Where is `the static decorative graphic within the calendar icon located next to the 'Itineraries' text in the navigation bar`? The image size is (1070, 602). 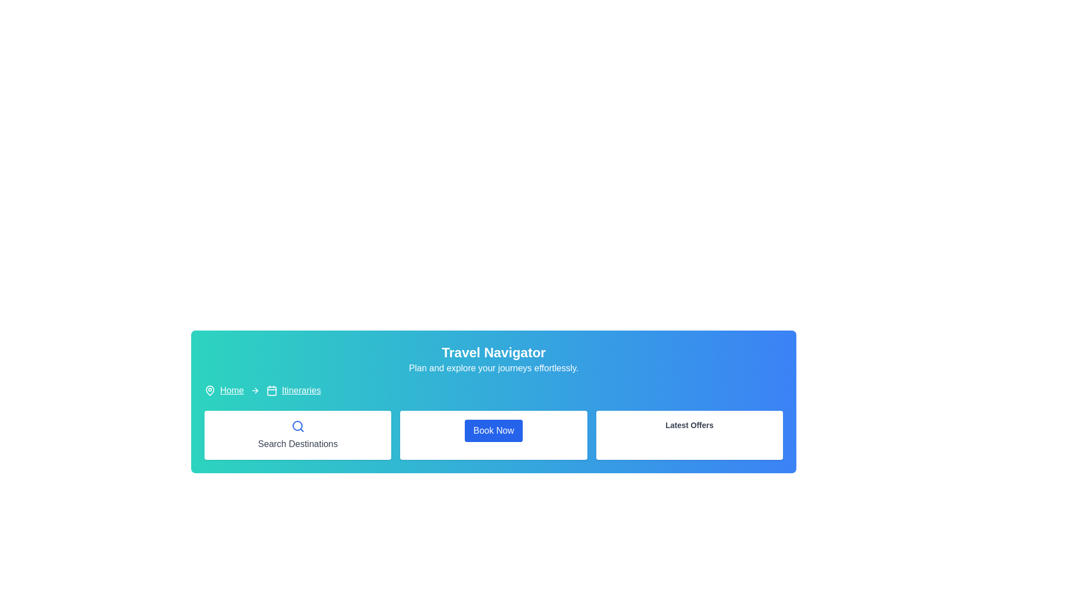 the static decorative graphic within the calendar icon located next to the 'Itineraries' text in the navigation bar is located at coordinates (271, 390).